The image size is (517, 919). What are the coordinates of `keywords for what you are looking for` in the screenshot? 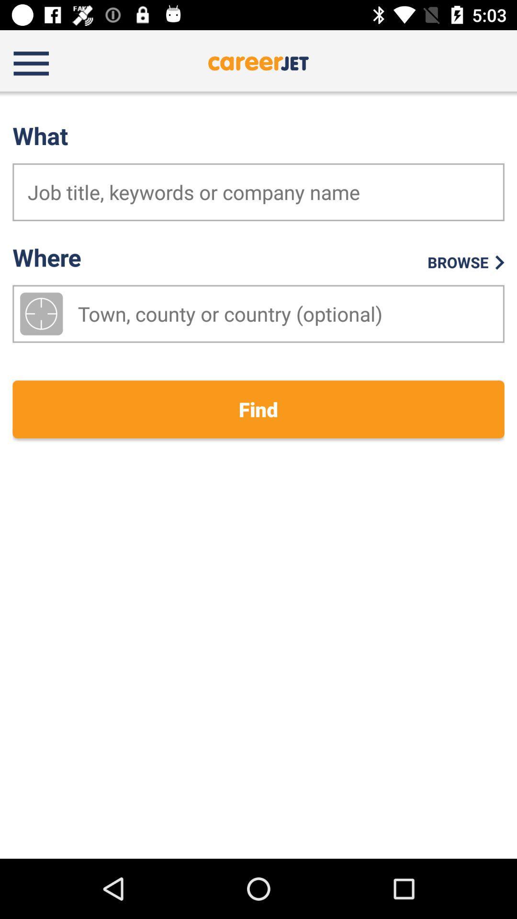 It's located at (258, 191).